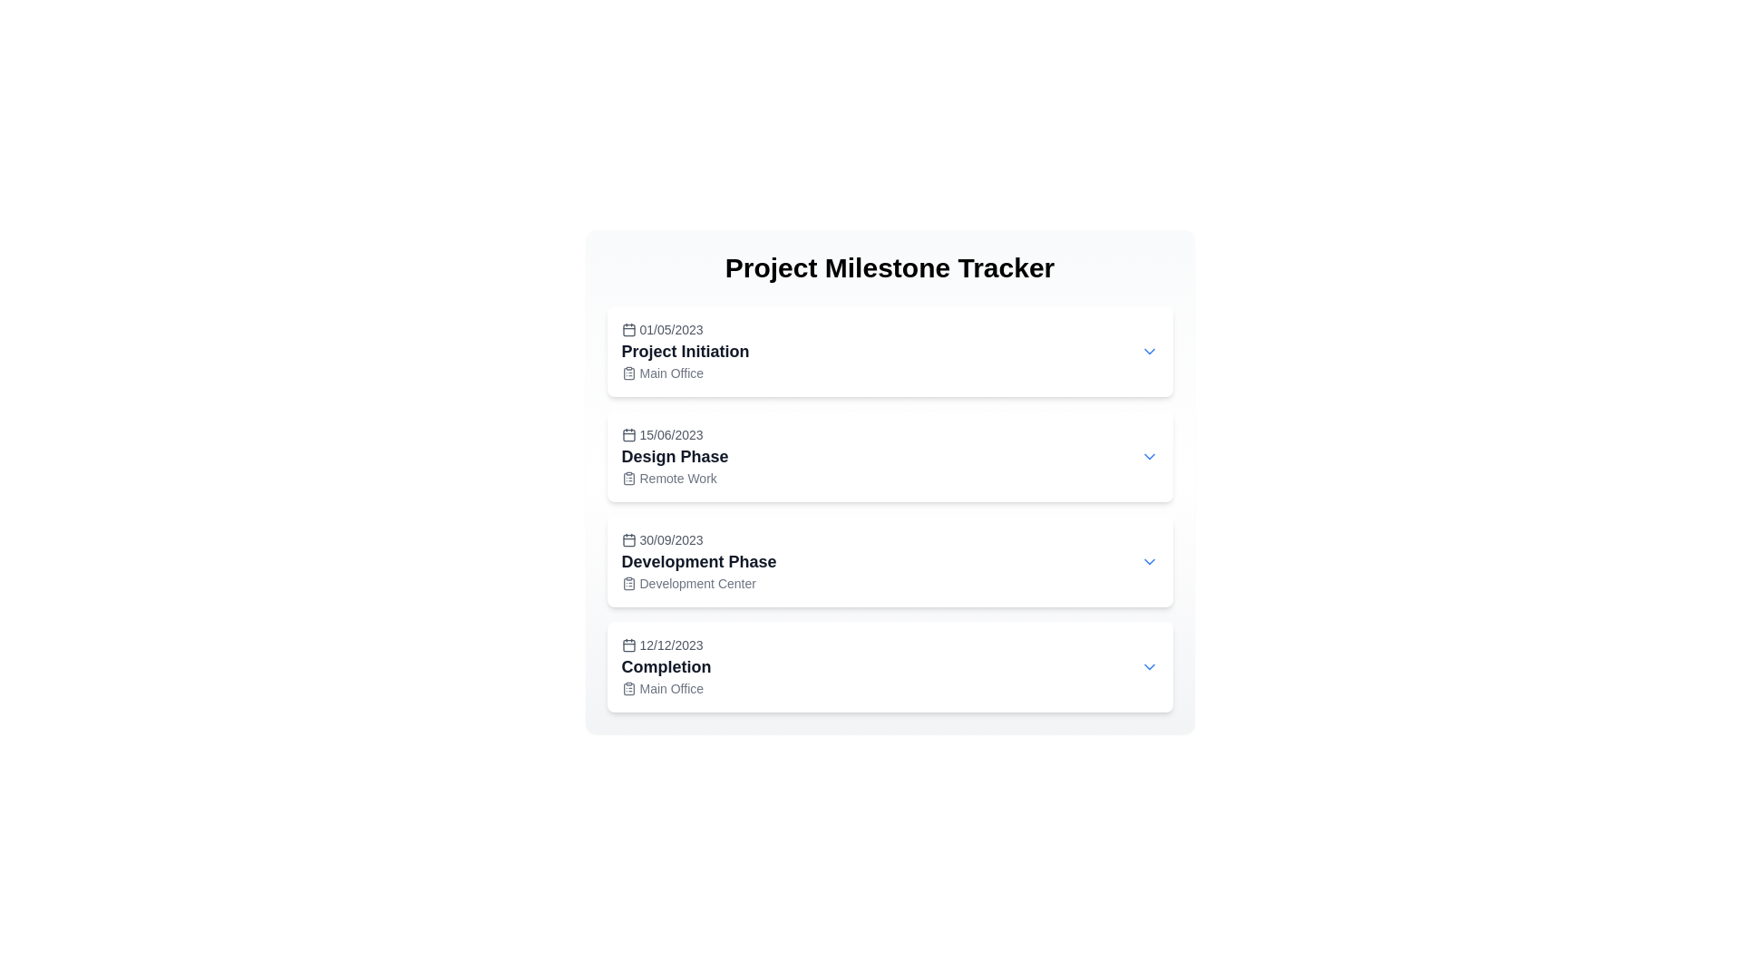 The height and width of the screenshot is (979, 1741). Describe the element at coordinates (665, 667) in the screenshot. I see `the text label that describes the associated item or milestone in the project tracker, located below the date '12/12/2023' and above the subtitle 'Main Office'` at that location.